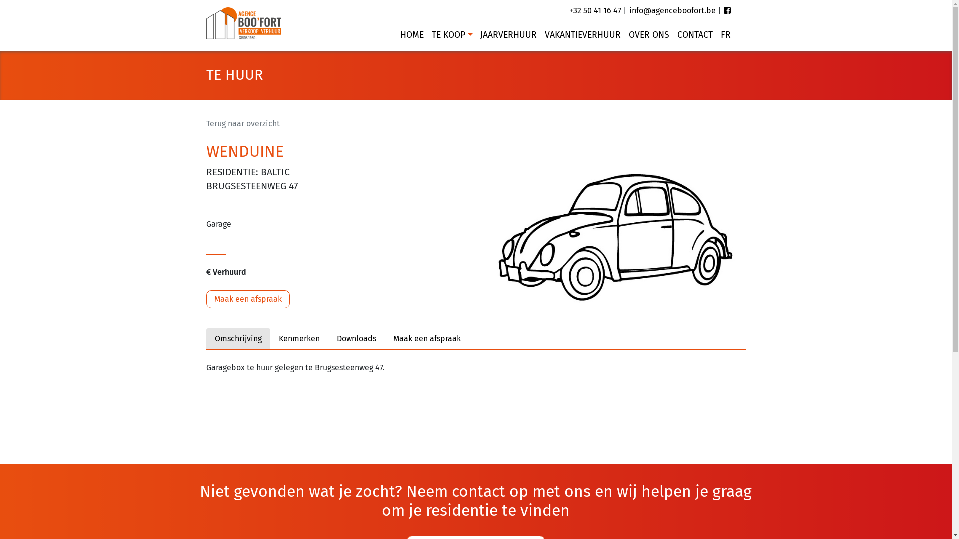  What do you see at coordinates (427, 338) in the screenshot?
I see `'Maak een afspraak'` at bounding box center [427, 338].